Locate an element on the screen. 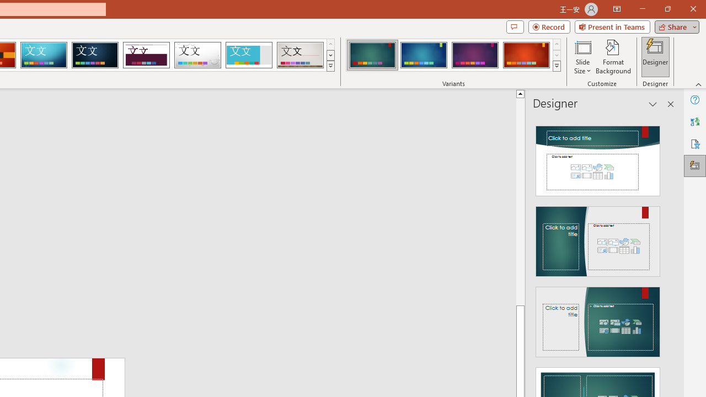  'Format Background' is located at coordinates (613, 57).